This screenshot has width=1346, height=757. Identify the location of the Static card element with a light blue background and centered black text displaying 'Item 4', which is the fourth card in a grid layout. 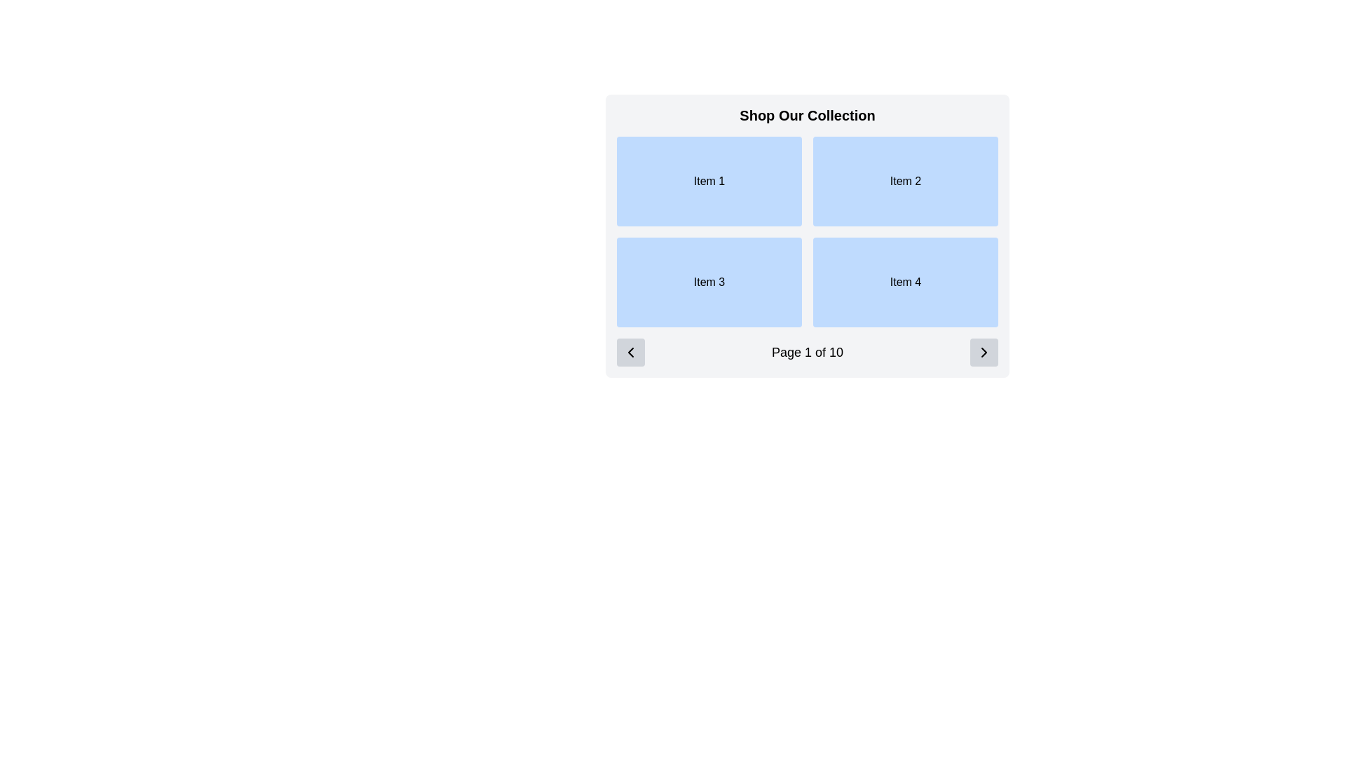
(905, 282).